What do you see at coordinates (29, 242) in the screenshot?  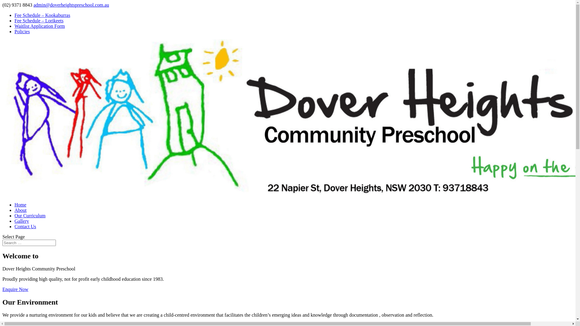 I see `'Search for:'` at bounding box center [29, 242].